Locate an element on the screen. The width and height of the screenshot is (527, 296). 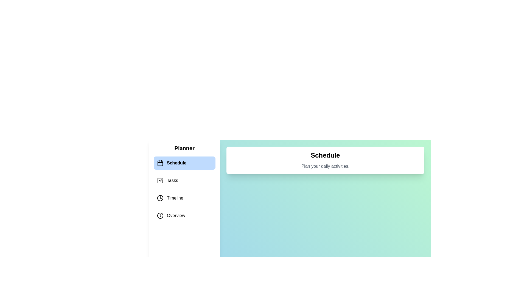
the tab labeled Schedule is located at coordinates (184, 163).